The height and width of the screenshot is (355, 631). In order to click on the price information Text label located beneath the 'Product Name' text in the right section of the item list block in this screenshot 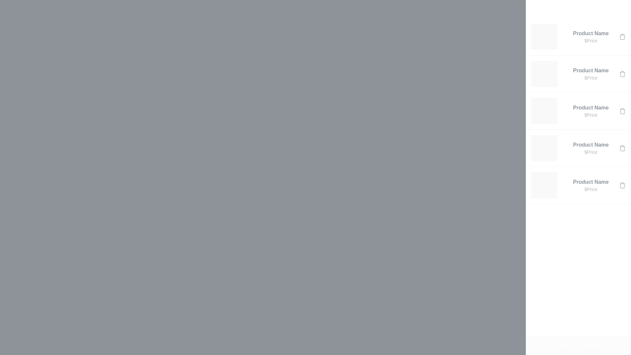, I will do `click(591, 40)`.